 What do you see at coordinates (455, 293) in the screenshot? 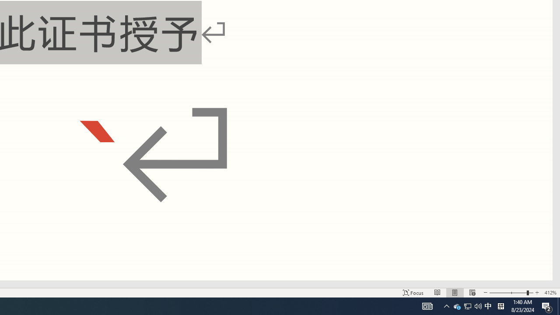
I see `'Print Layout'` at bounding box center [455, 293].